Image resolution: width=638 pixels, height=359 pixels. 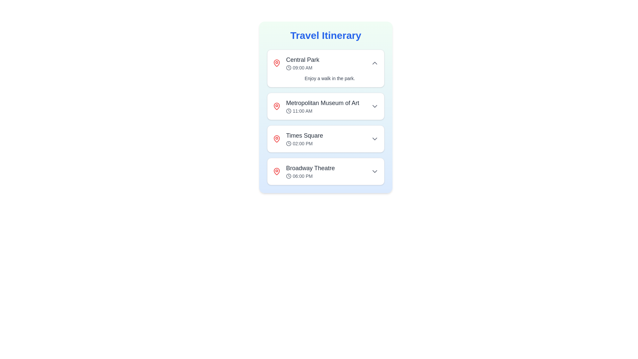 What do you see at coordinates (310, 168) in the screenshot?
I see `title header text for the 'Broadway Theatre' event, which is located at the top-left corner of the section, providing the scheduled time of 06:00 PM` at bounding box center [310, 168].